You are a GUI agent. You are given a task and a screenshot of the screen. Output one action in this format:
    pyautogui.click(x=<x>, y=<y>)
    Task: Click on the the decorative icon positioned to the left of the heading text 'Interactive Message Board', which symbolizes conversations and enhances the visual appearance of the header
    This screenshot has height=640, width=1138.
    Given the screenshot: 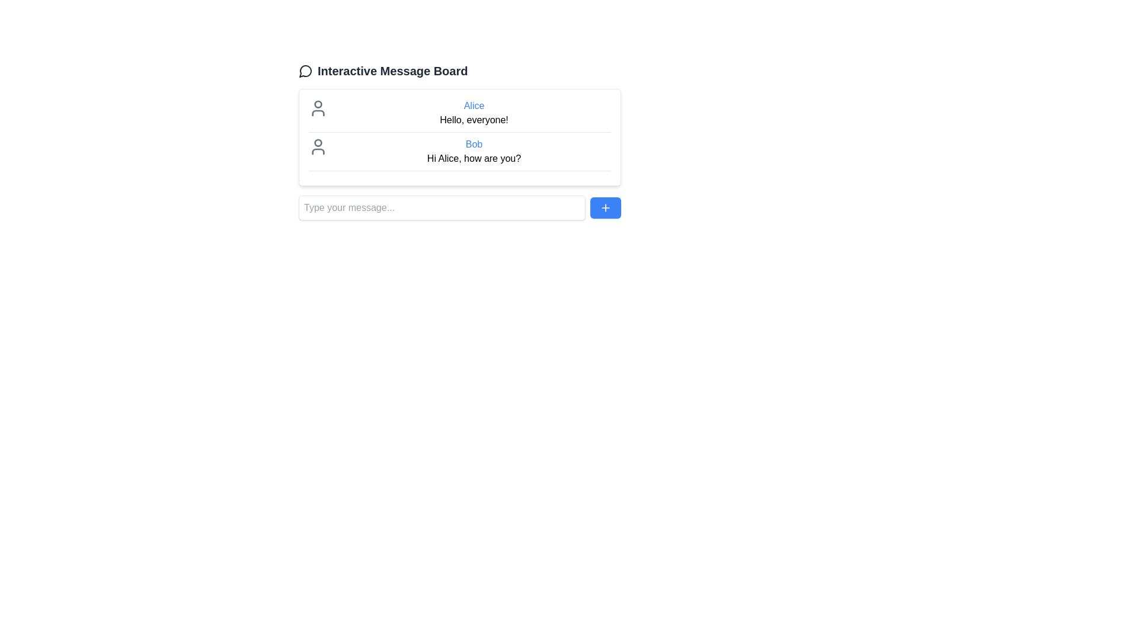 What is the action you would take?
    pyautogui.click(x=305, y=71)
    